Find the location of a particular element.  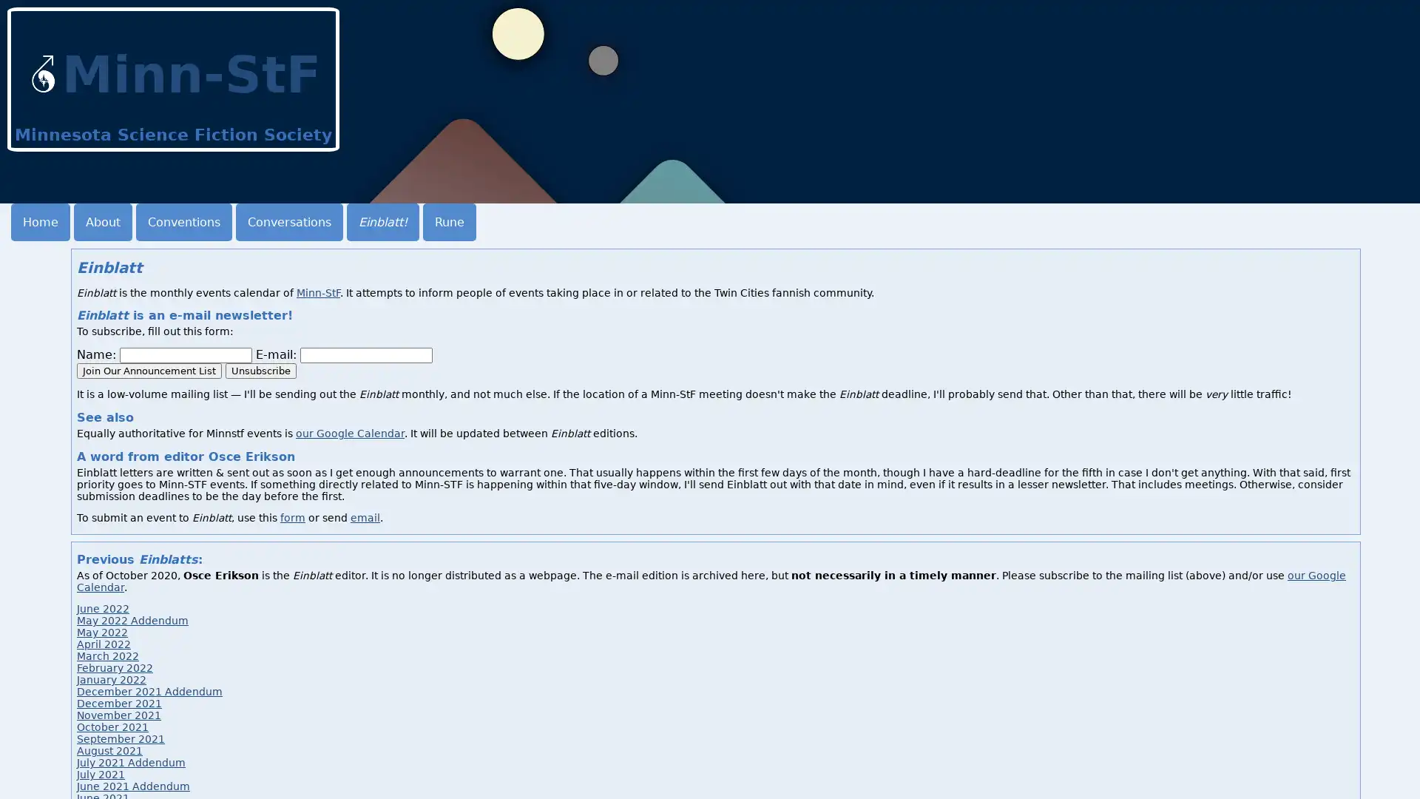

Rune is located at coordinates (449, 222).